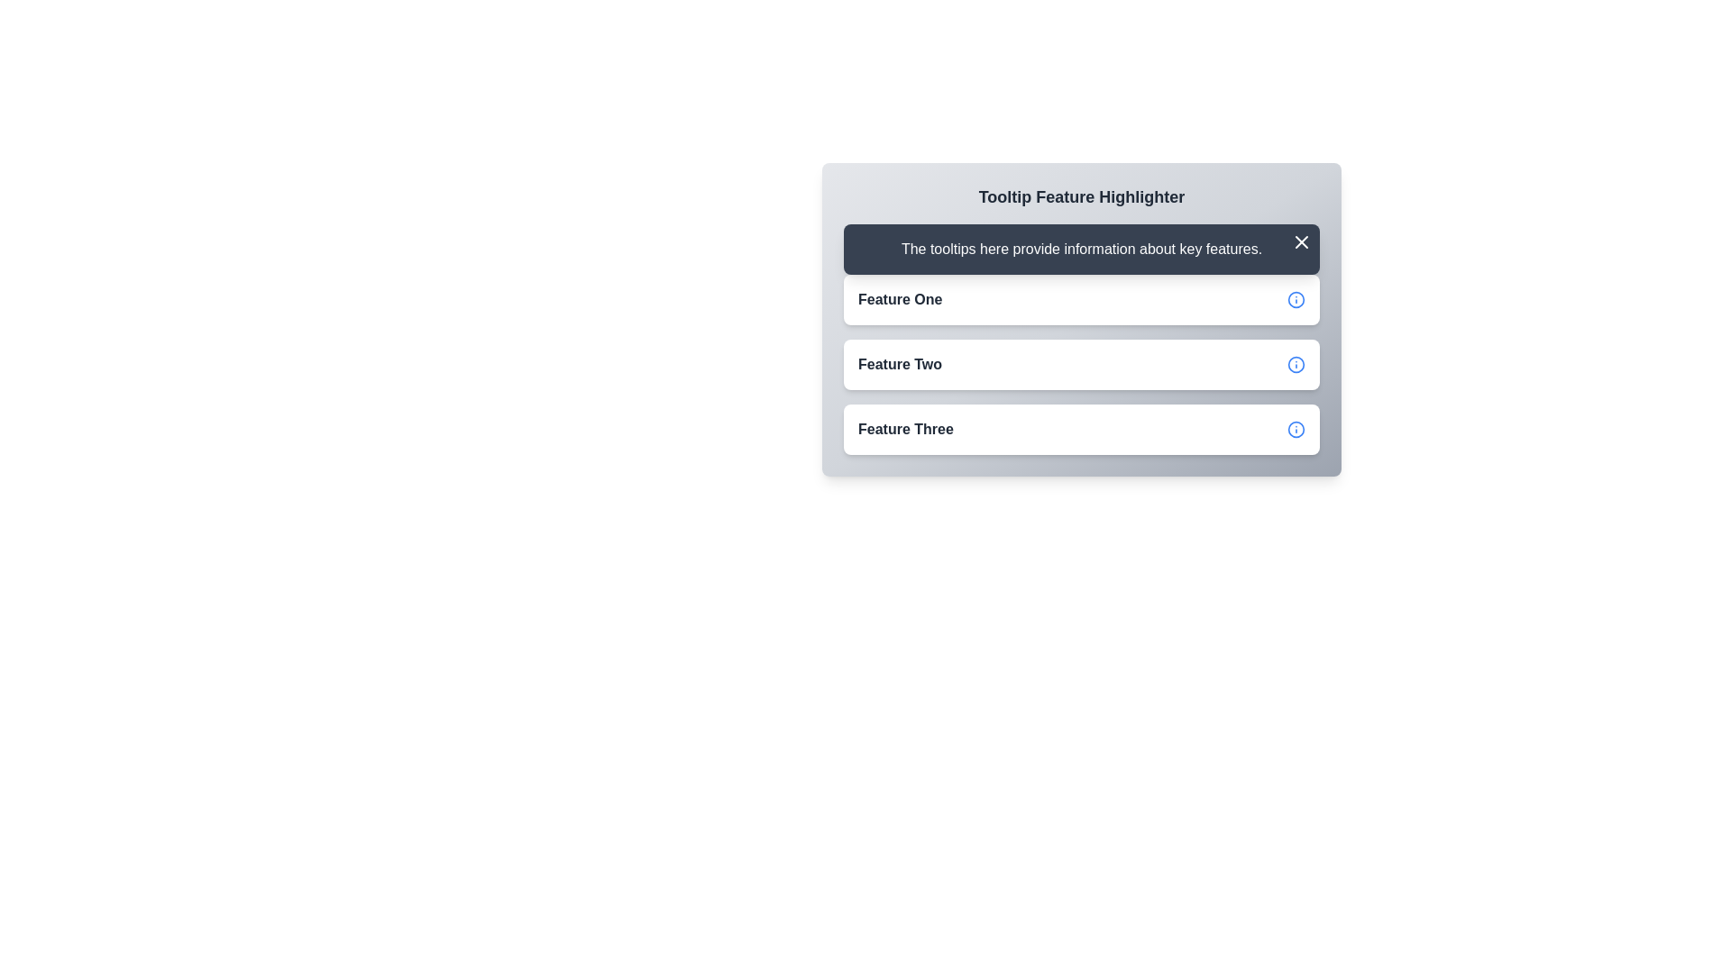 The height and width of the screenshot is (973, 1731). I want to click on text from the 'Feature One' text label, which is styled with a bold font and dark gray color, located on the first card in a vertical list of elements, so click(900, 298).